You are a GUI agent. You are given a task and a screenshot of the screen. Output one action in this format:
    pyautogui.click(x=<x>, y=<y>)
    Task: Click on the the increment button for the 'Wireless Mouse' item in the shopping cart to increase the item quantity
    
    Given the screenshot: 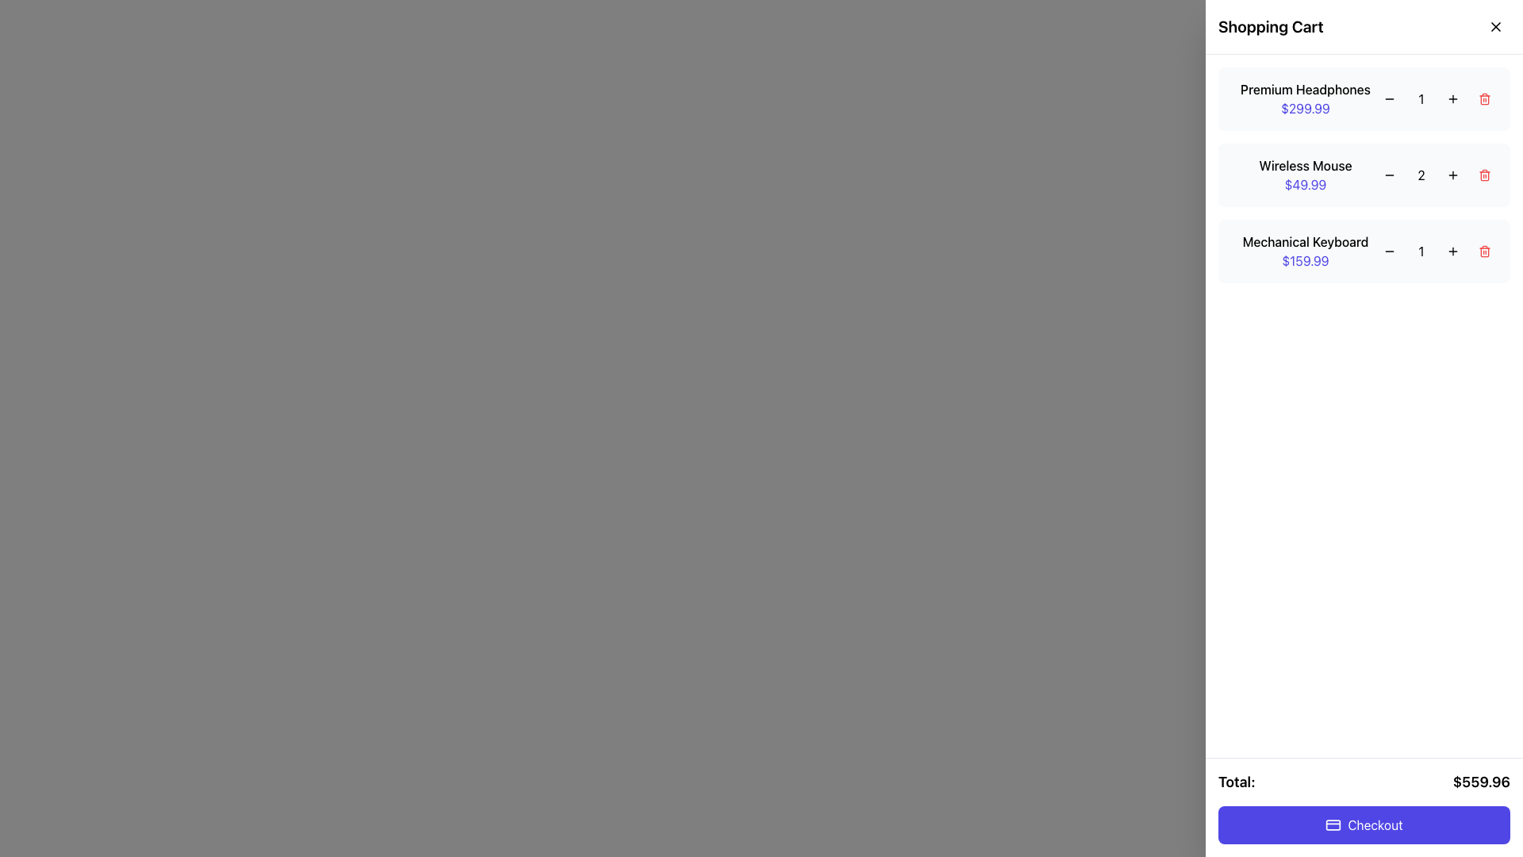 What is the action you would take?
    pyautogui.click(x=1453, y=175)
    